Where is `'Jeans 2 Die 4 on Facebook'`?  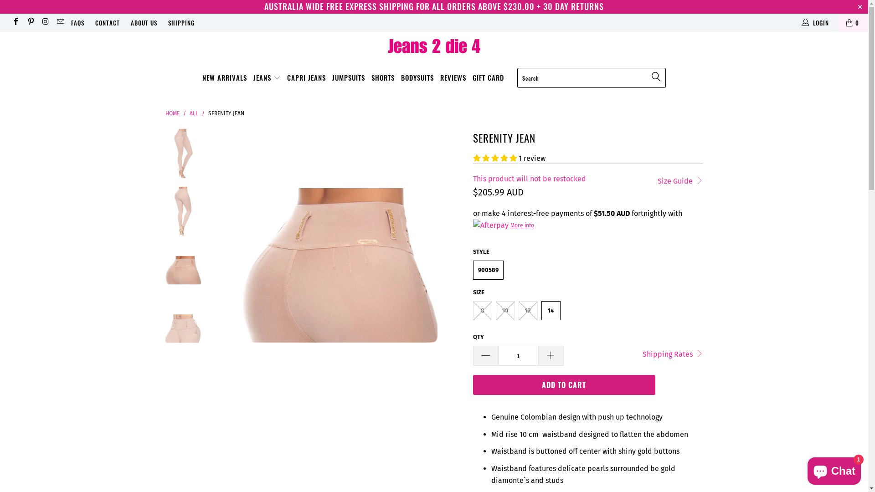 'Jeans 2 Die 4 on Facebook' is located at coordinates (15, 22).